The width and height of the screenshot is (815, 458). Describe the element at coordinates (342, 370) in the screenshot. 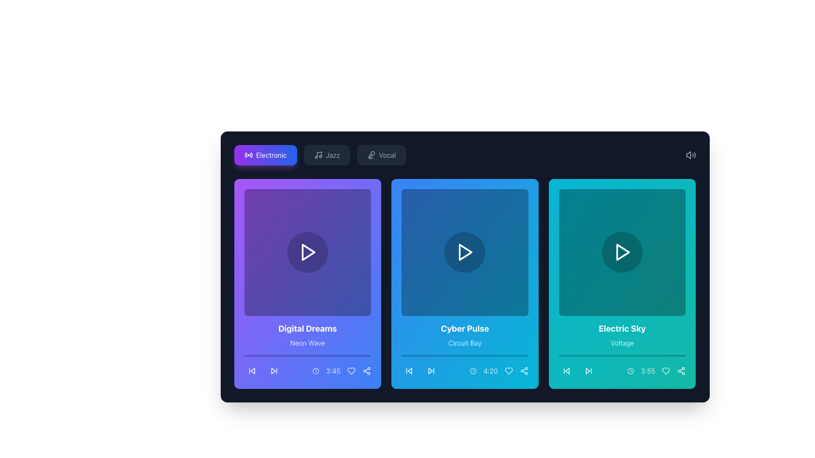

I see `the time label displaying '3:45' in white on a blue background, located in the bottom bar of the 'Digital Dreams' section between a clock icon and an outlined heart icon` at that location.